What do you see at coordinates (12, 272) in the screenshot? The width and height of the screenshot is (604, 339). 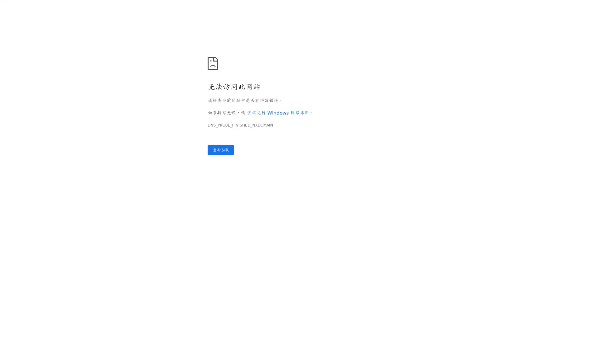 I see `Go to slide 1` at bounding box center [12, 272].